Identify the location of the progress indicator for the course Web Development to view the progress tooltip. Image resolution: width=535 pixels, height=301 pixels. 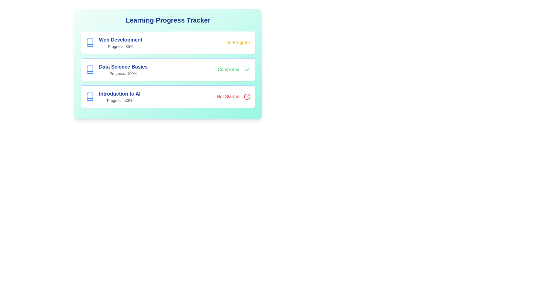
(113, 42).